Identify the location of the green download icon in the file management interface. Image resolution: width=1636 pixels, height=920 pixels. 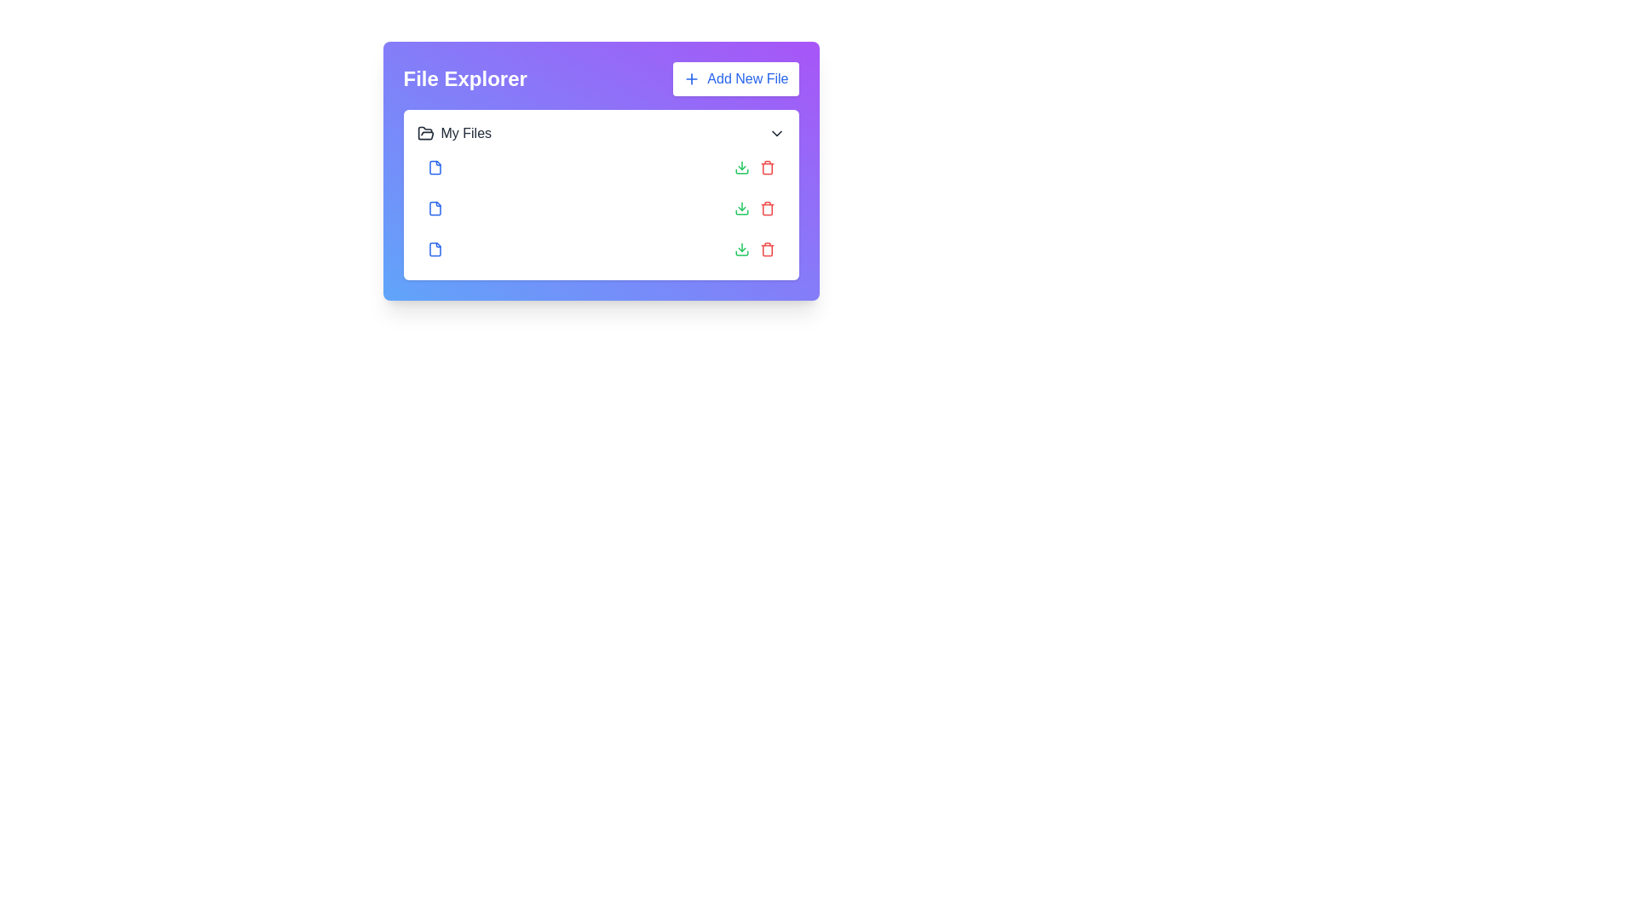
(741, 250).